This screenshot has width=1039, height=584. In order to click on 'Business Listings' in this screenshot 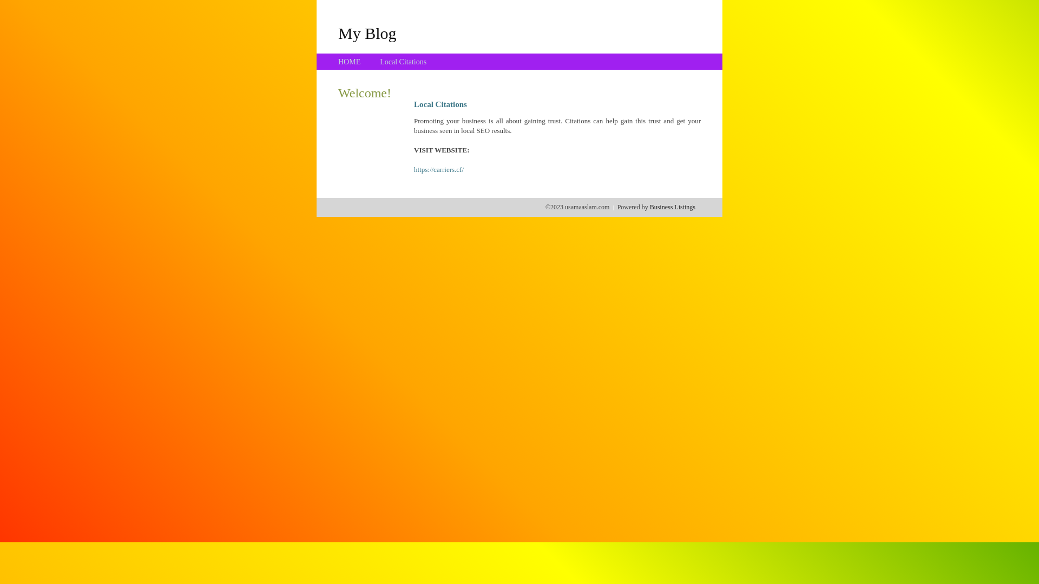, I will do `click(672, 207)`.